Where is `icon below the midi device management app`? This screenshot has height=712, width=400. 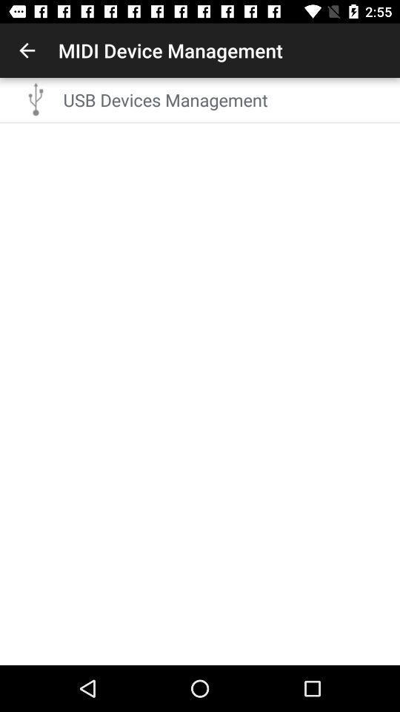
icon below the midi device management app is located at coordinates (227, 99).